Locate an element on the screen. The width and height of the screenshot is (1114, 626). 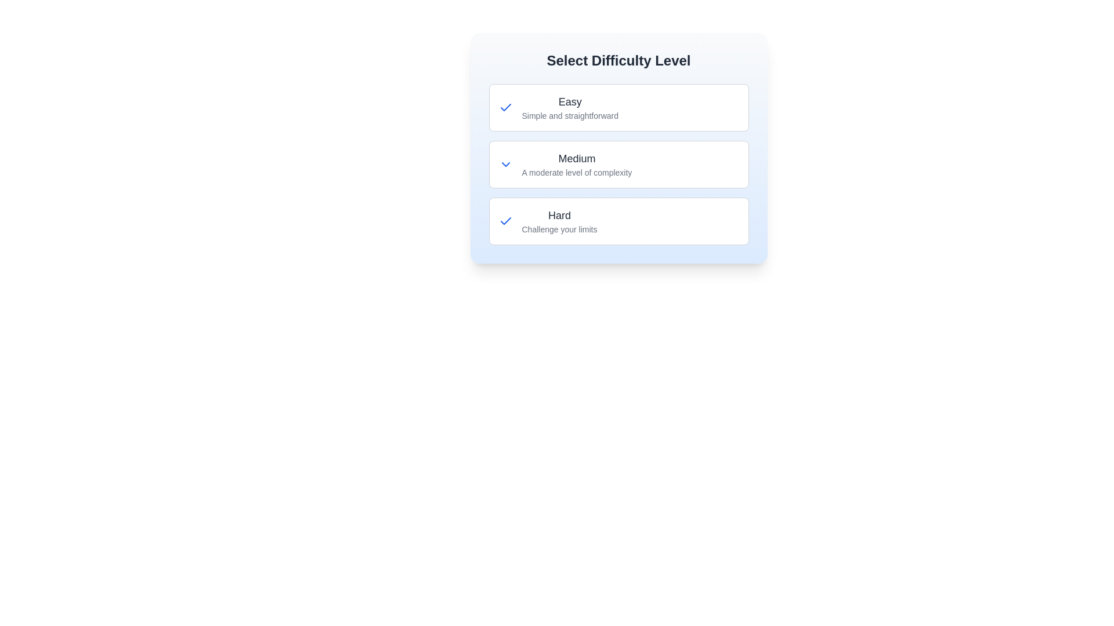
the descriptive subtitle element that provides additional context to the 'Medium' option in the difficulty selection menu, located directly below the 'Medium' label is located at coordinates (577, 172).